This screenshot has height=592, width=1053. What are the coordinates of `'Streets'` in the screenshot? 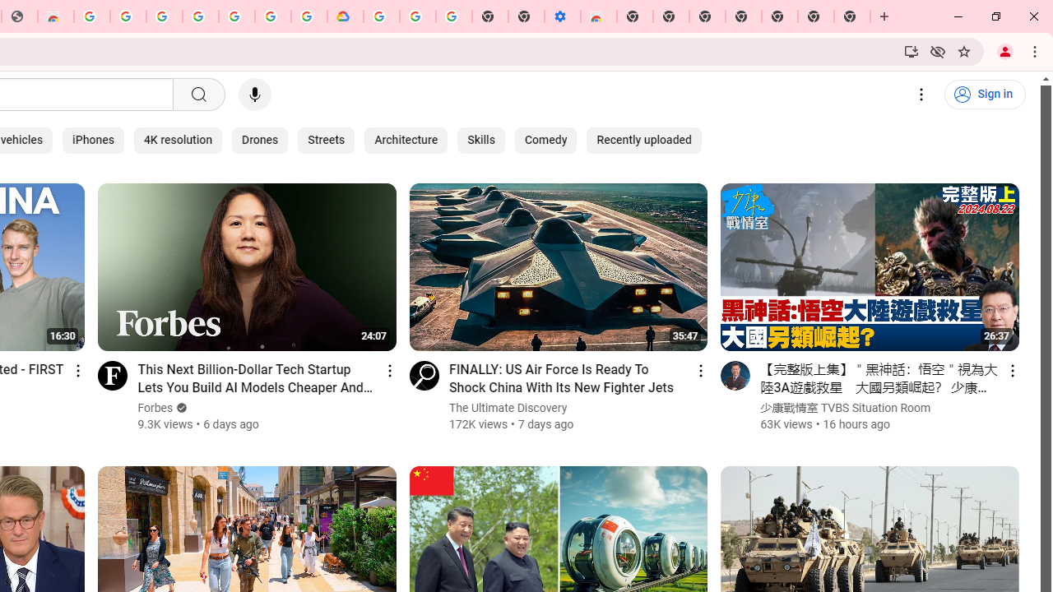 It's located at (327, 140).